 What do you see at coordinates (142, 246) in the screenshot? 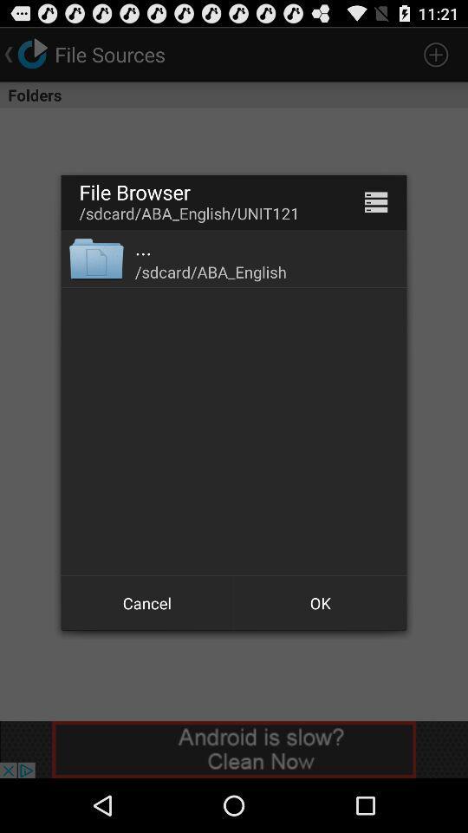
I see `the ... app` at bounding box center [142, 246].